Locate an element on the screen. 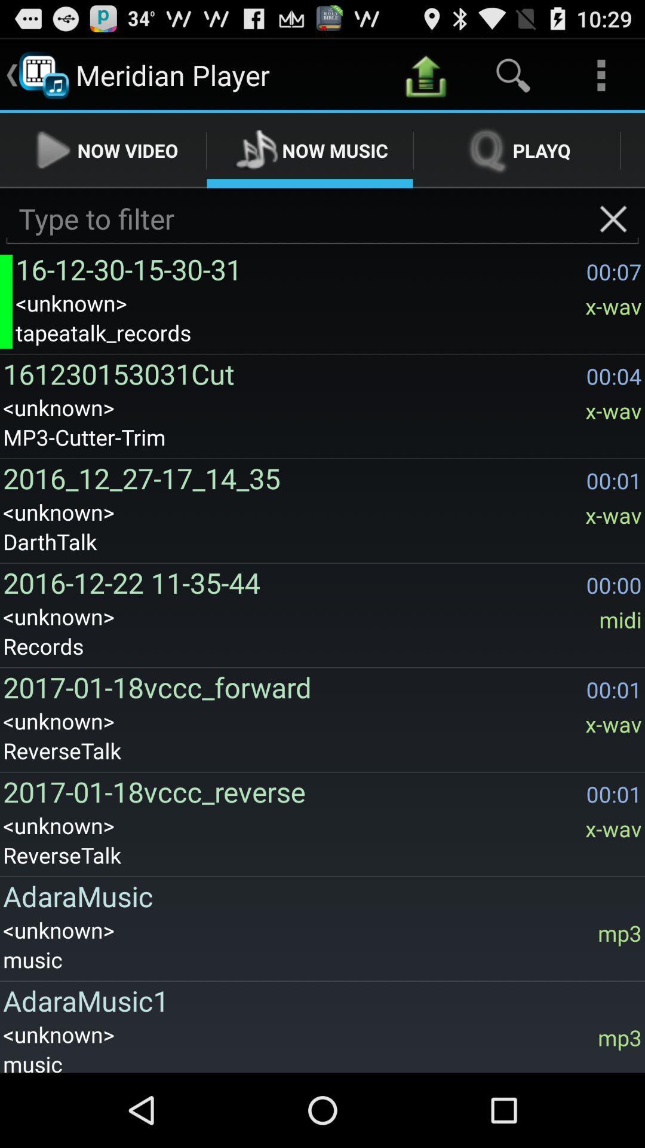  item above the <unknown> item is located at coordinates (297, 268).